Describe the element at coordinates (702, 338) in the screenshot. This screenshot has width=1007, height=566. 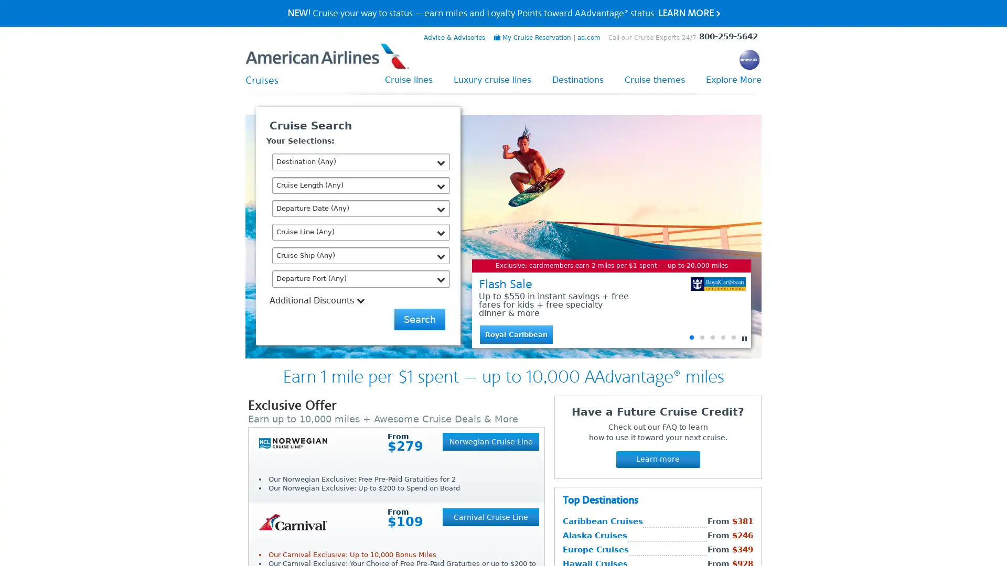
I see `Go to slide 2` at that location.